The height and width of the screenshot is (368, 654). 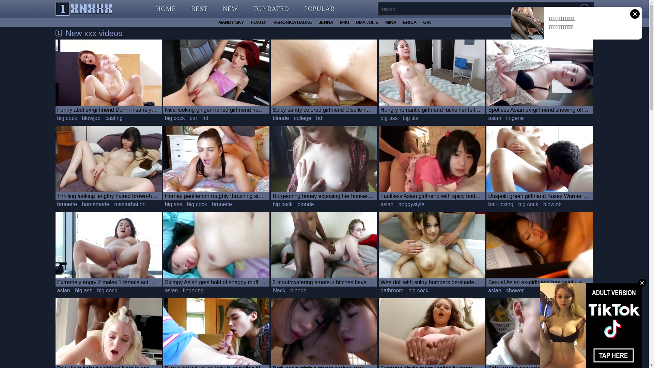 I want to click on 'Funny abdl ex-girlfriend Danni insanely riding on wang', so click(x=108, y=77).